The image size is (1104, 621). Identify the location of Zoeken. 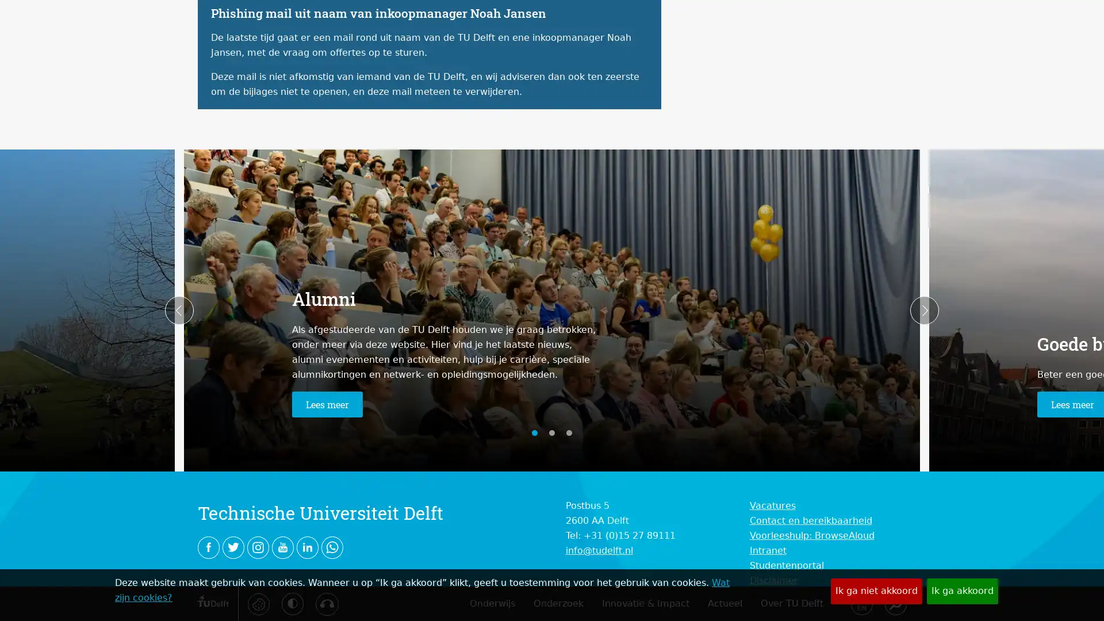
(894, 603).